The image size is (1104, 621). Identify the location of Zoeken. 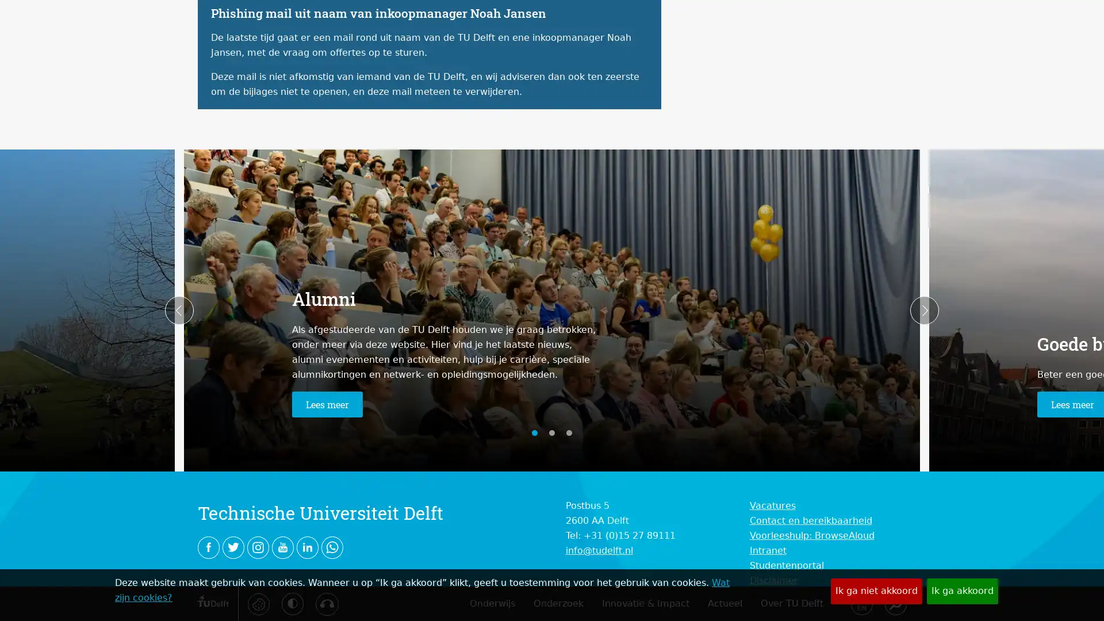
(894, 603).